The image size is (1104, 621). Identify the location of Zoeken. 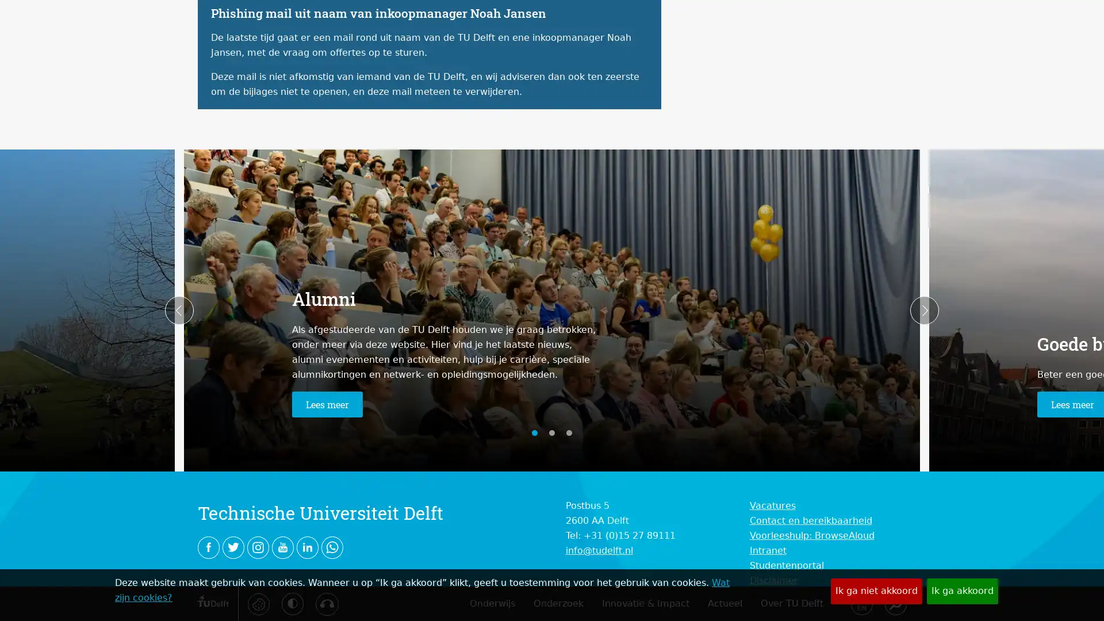
(894, 603).